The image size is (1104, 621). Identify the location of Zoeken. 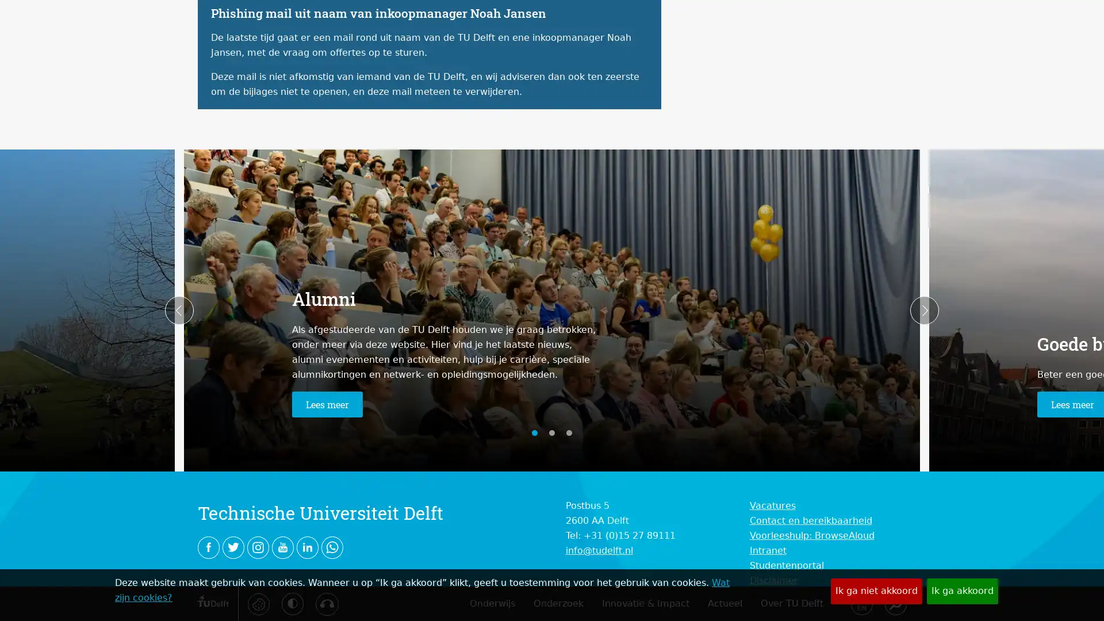
(894, 603).